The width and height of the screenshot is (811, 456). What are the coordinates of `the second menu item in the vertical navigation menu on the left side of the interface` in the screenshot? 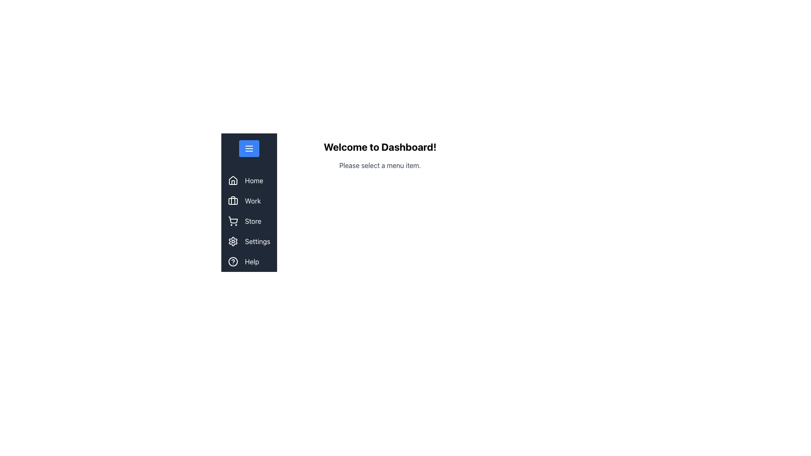 It's located at (249, 202).